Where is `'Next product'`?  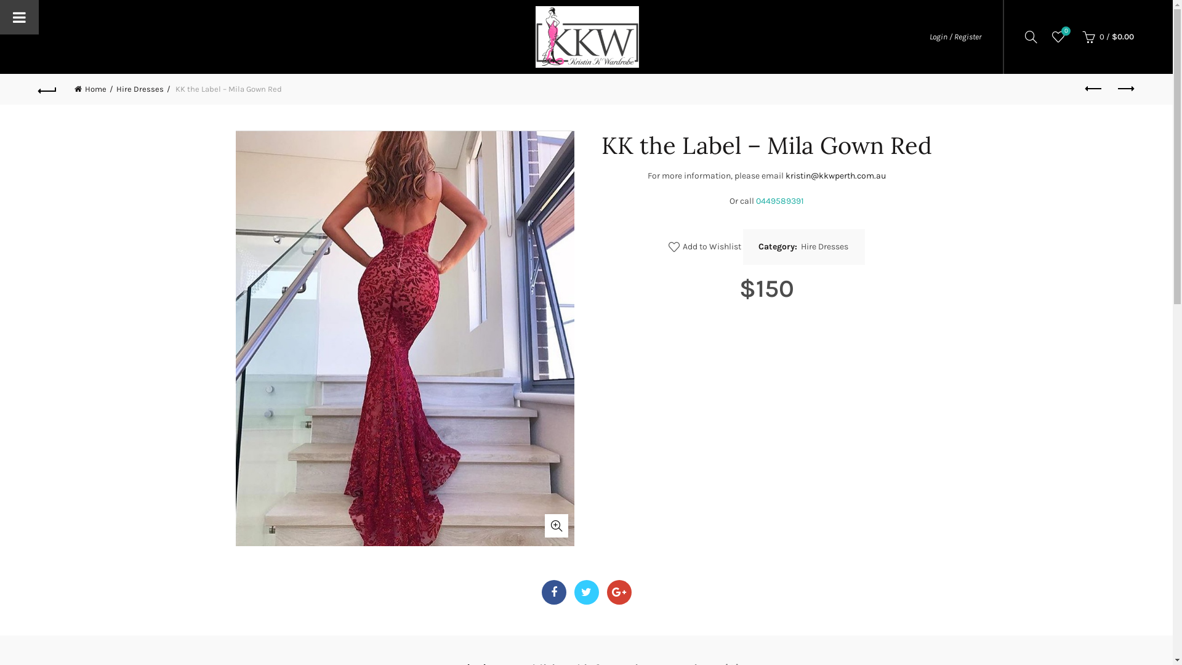 'Next product' is located at coordinates (1125, 89).